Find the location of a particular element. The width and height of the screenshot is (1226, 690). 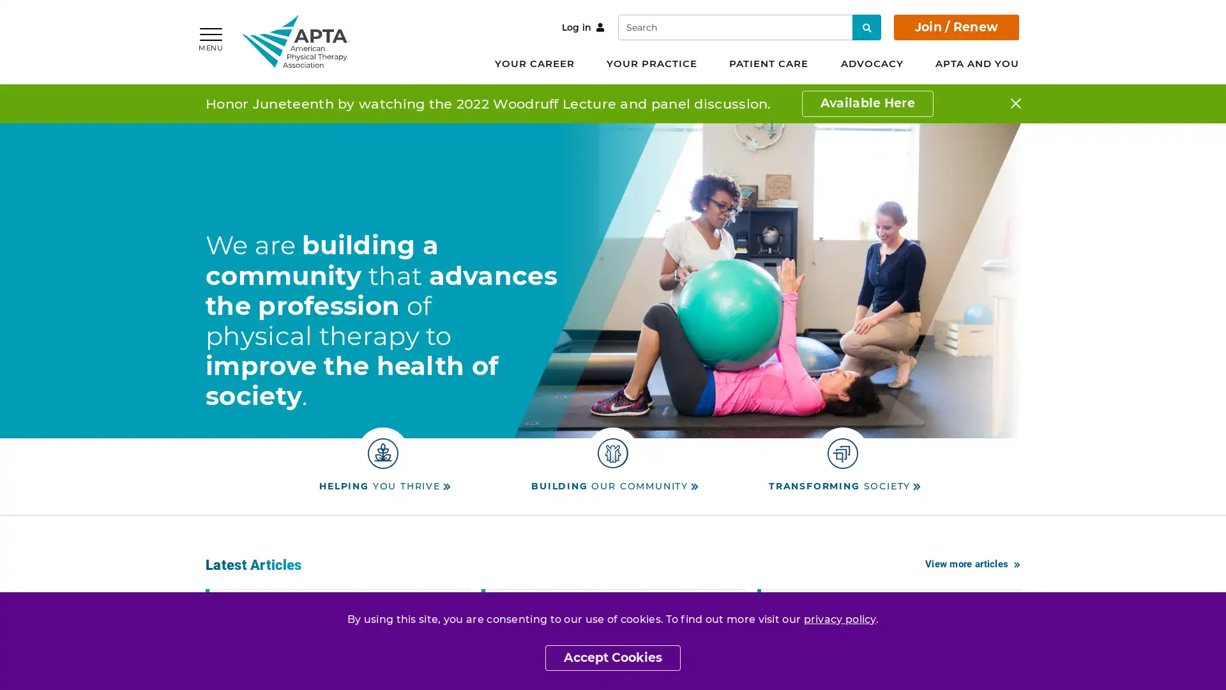

Close is located at coordinates (1015, 102).